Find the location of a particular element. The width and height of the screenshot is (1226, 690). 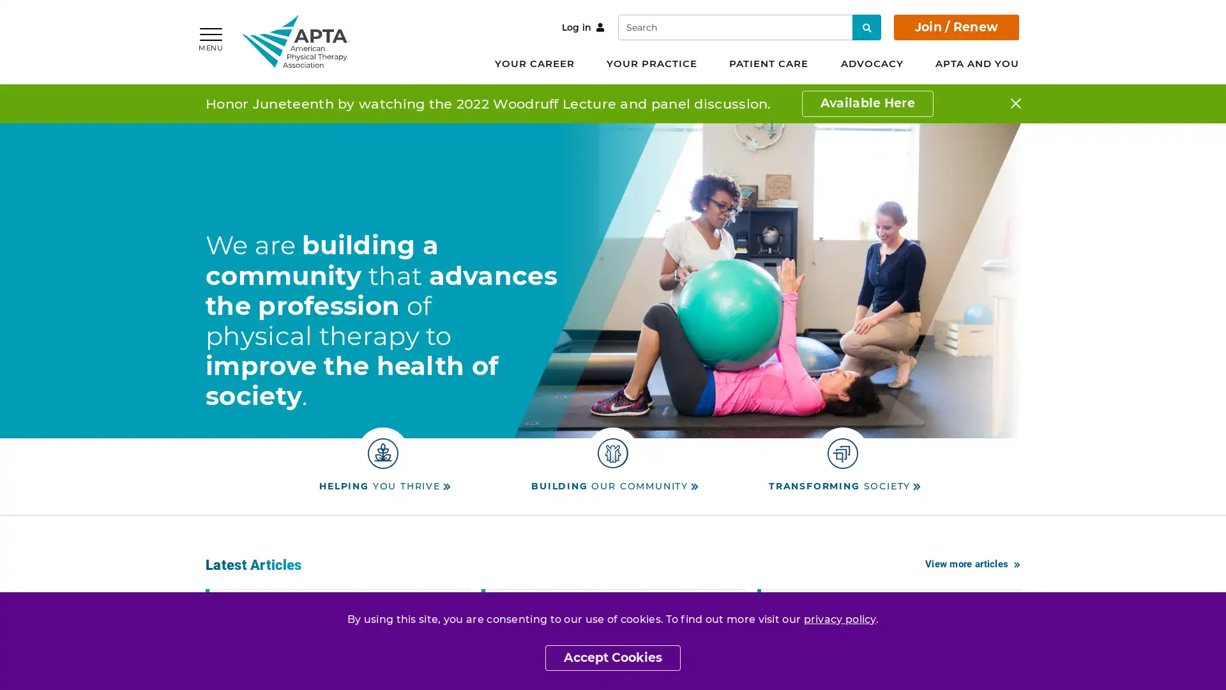

Close is located at coordinates (1015, 102).